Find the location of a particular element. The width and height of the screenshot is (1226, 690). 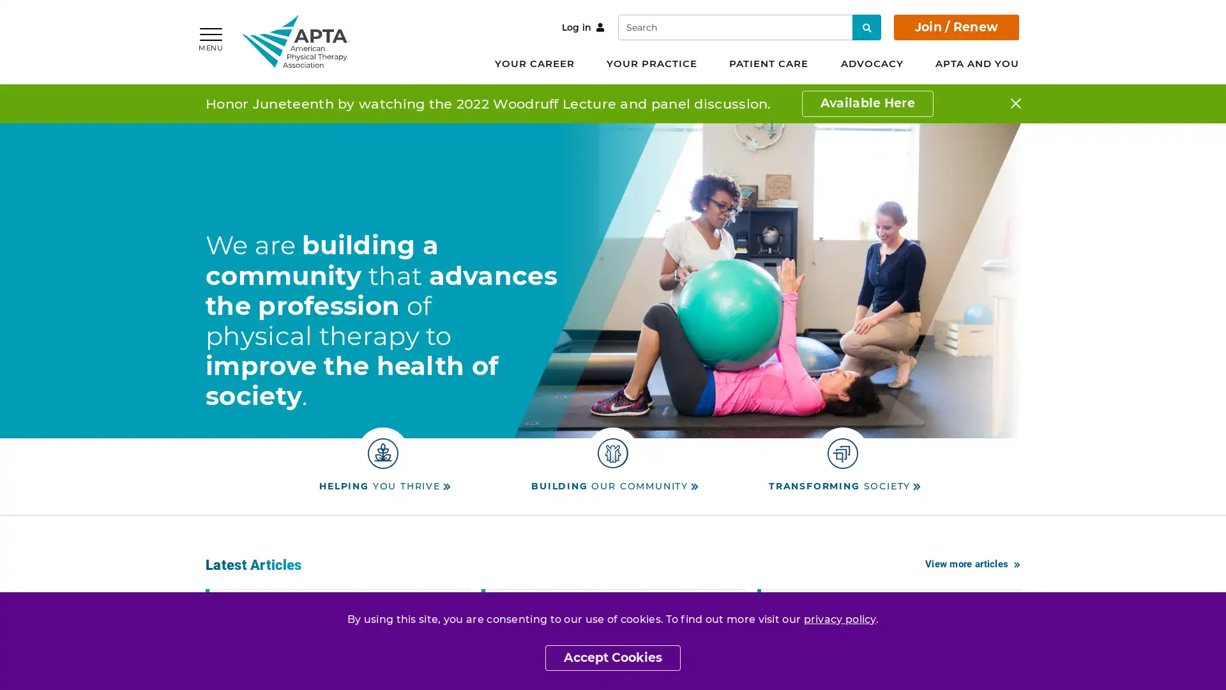

Close is located at coordinates (1015, 102).